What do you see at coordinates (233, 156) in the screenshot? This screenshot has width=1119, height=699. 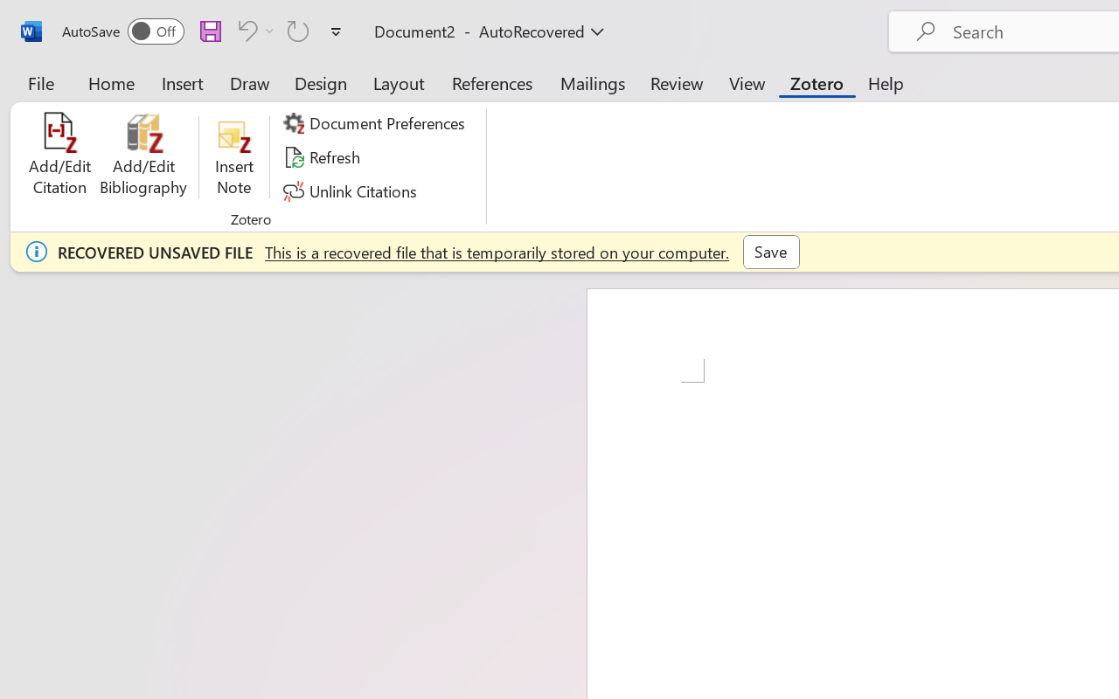 I see `'Insert Note'` at bounding box center [233, 156].